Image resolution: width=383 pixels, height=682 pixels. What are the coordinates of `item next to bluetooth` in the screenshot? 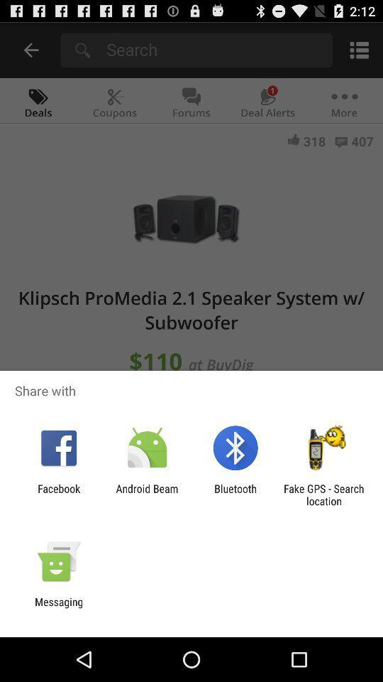 It's located at (323, 494).